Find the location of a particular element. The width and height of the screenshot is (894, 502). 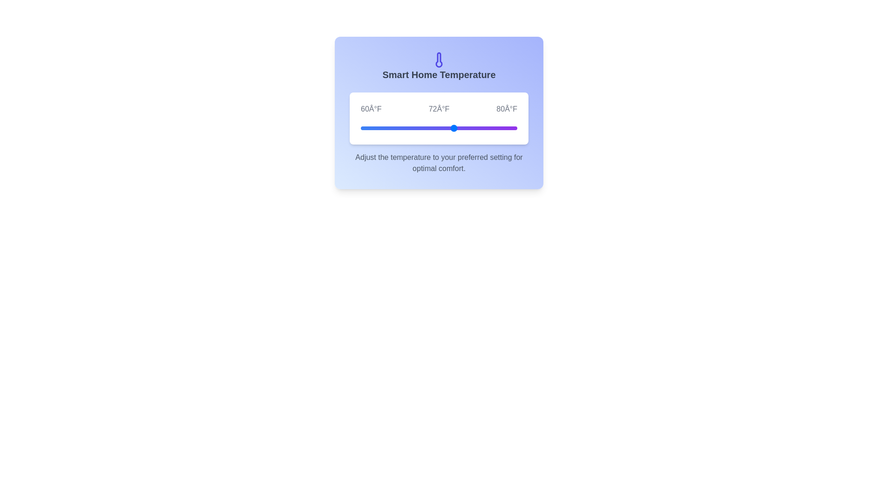

the temperature slider to 66°F is located at coordinates (407, 128).